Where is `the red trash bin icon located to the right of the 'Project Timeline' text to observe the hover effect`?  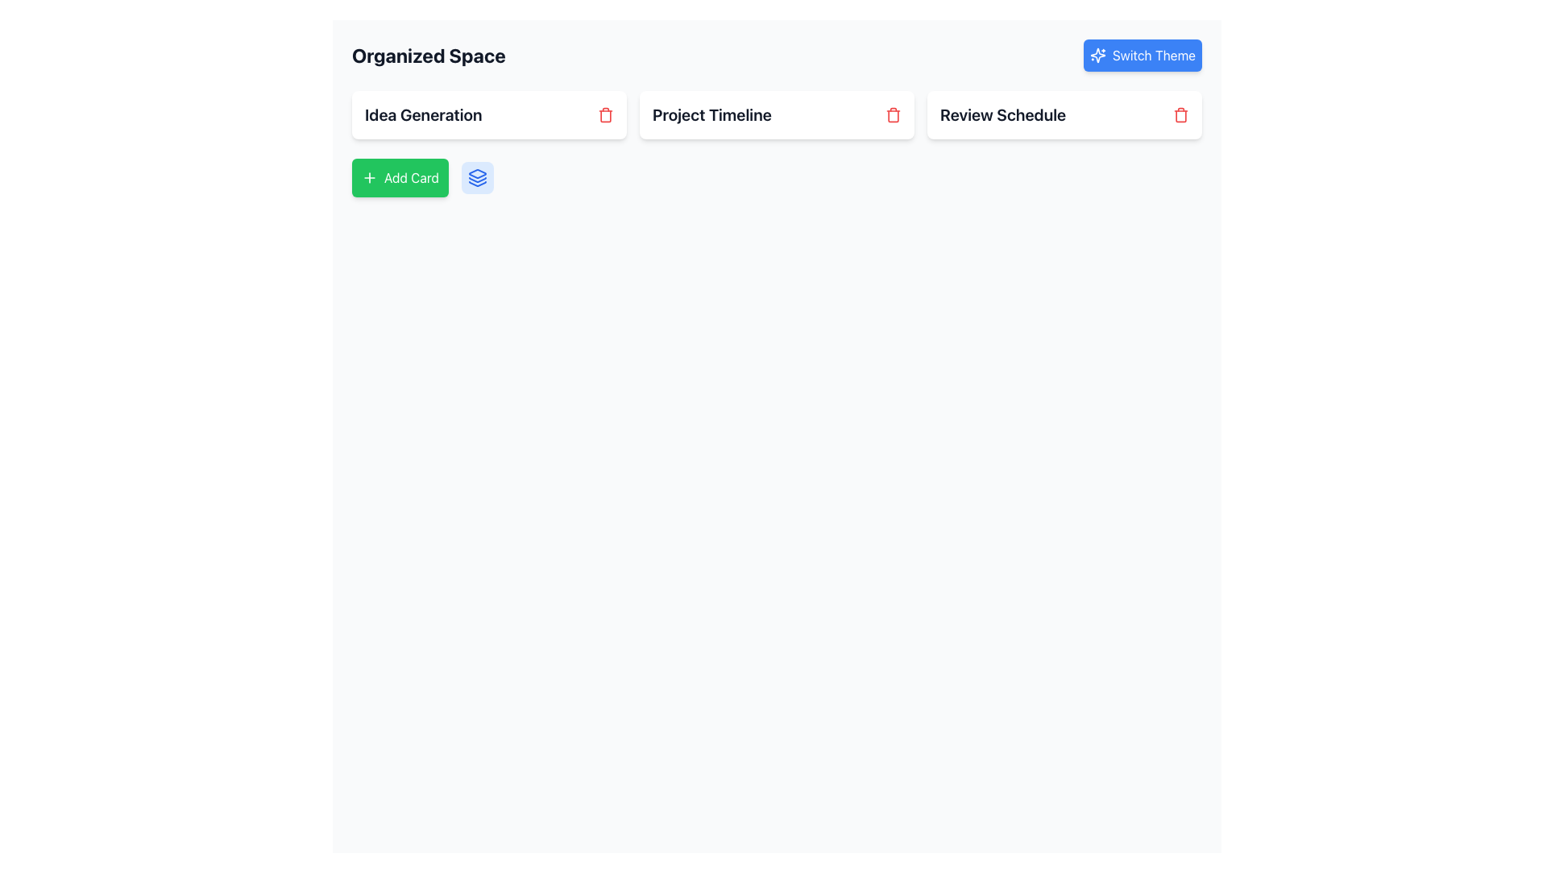
the red trash bin icon located to the right of the 'Project Timeline' text to observe the hover effect is located at coordinates (892, 114).